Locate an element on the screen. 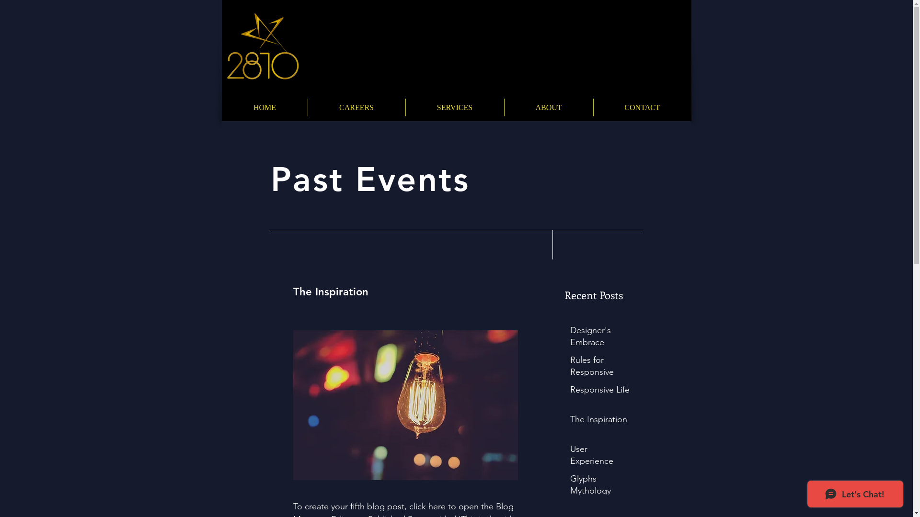 The height and width of the screenshot is (517, 920). 'SERVICES' is located at coordinates (454, 107).